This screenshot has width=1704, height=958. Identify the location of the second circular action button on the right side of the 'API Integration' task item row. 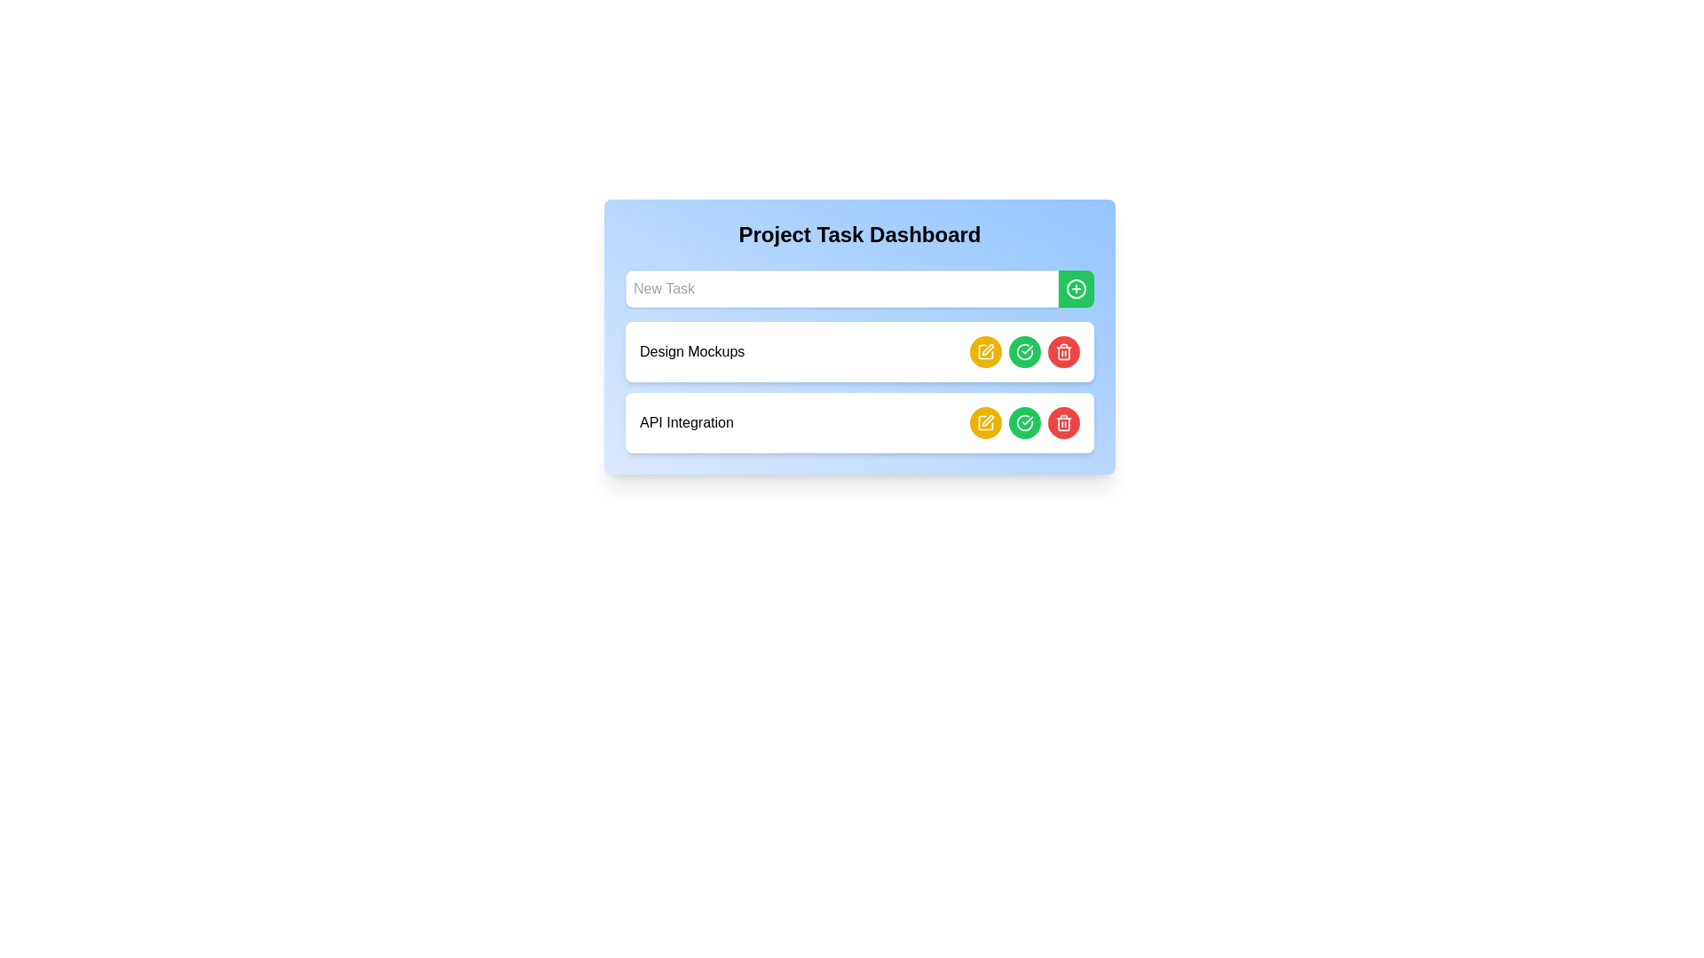
(1025, 423).